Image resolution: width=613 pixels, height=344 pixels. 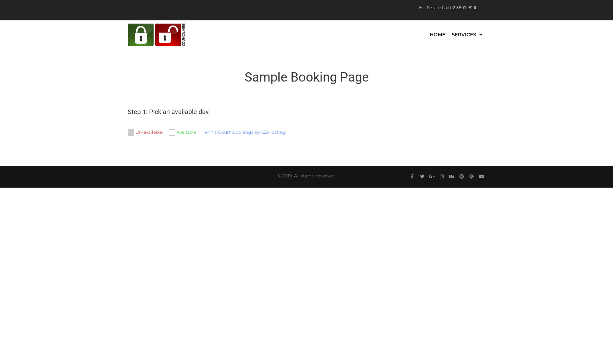 What do you see at coordinates (467, 34) in the screenshot?
I see `'SERVICES'` at bounding box center [467, 34].